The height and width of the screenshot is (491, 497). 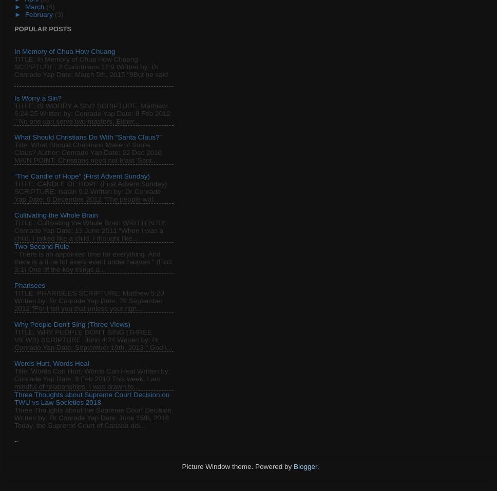 What do you see at coordinates (50, 6) in the screenshot?
I see `'(4)'` at bounding box center [50, 6].